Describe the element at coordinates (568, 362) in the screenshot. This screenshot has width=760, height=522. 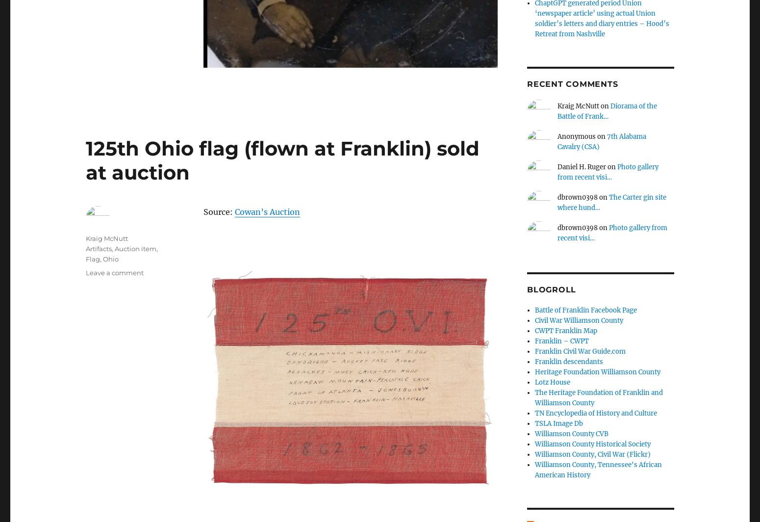
I see `'Franklin descendants'` at that location.